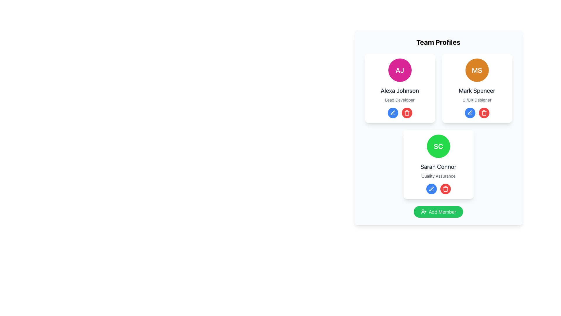  What do you see at coordinates (438, 167) in the screenshot?
I see `the text label displaying 'Sarah Connor', which is centrally located in the profile card, positioned below the circular icon with 'SC' and above the text 'Quality Assurance'` at bounding box center [438, 167].